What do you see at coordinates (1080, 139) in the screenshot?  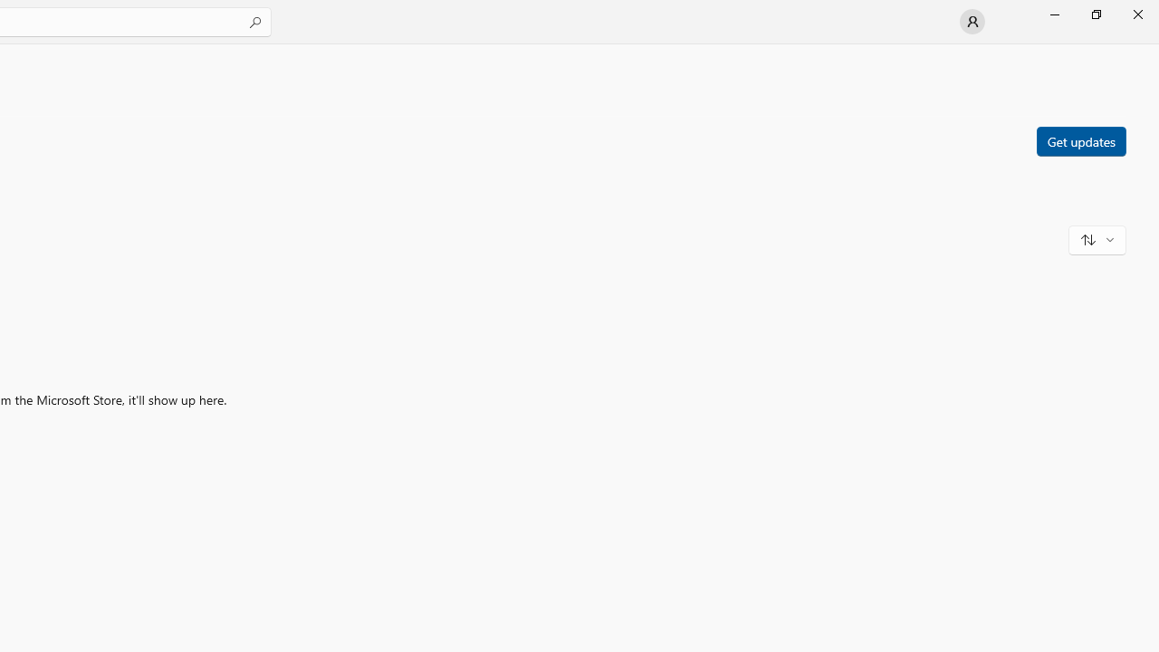 I see `'Get updates'` at bounding box center [1080, 139].